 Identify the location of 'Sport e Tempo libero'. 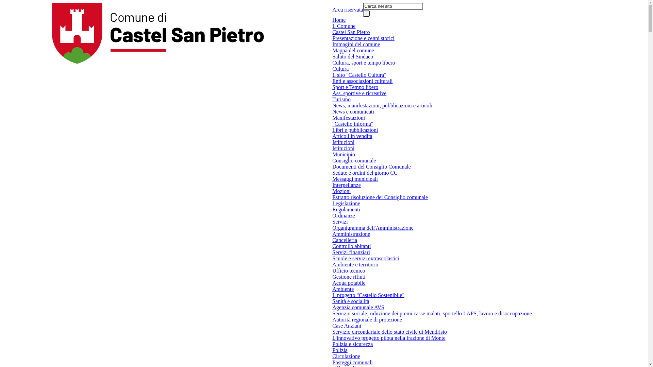
(355, 87).